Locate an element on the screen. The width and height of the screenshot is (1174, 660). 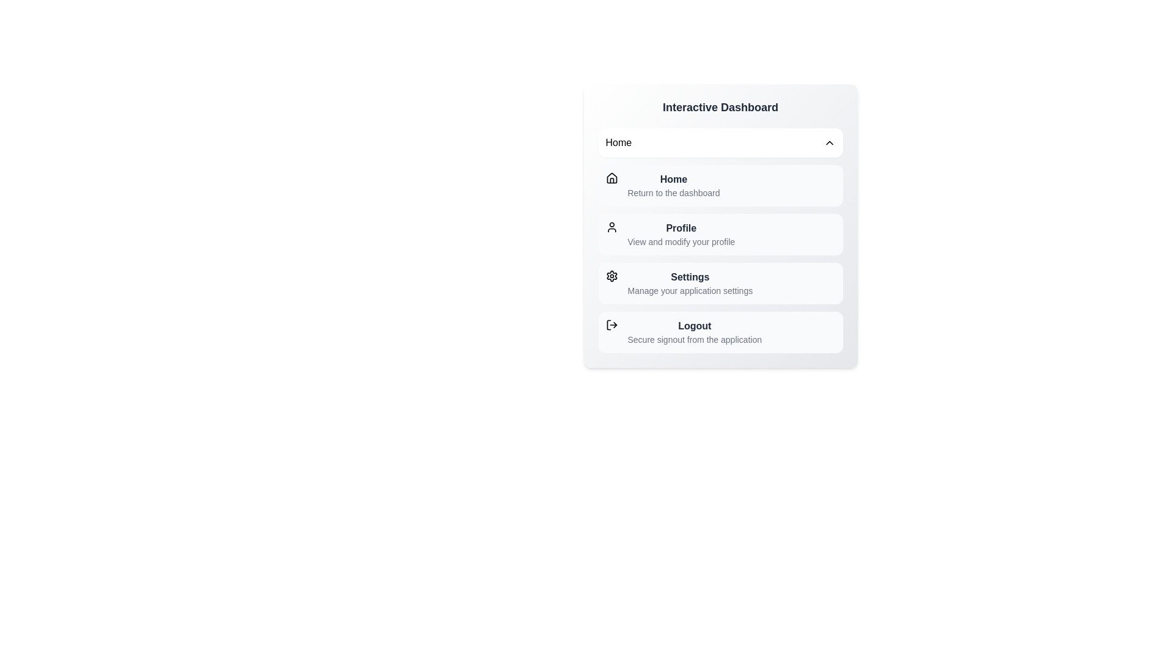
the header text of the Interactive Dashboard to focus on it is located at coordinates (720, 107).